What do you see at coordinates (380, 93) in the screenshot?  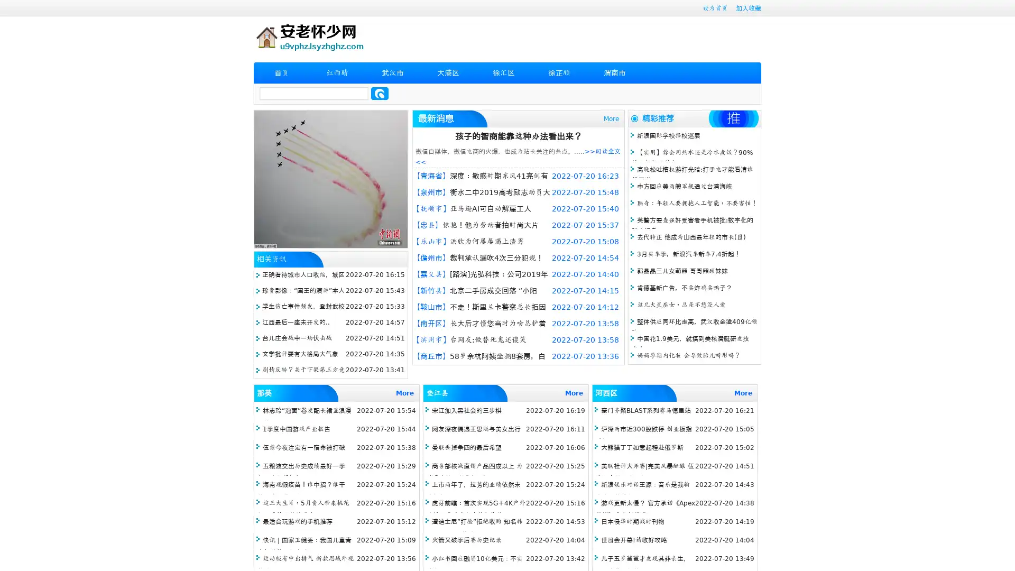 I see `Search` at bounding box center [380, 93].